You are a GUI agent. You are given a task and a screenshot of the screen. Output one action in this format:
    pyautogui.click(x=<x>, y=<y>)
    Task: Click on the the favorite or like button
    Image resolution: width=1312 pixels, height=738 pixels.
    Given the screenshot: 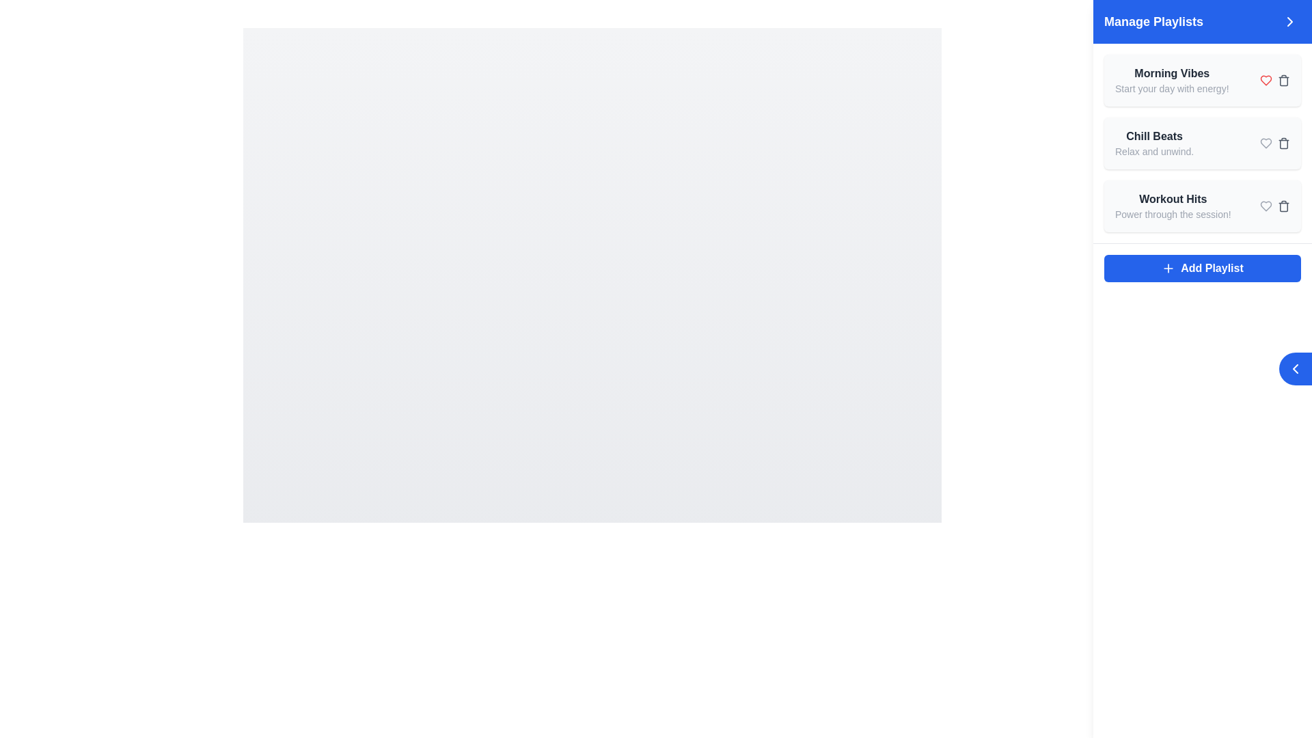 What is the action you would take?
    pyautogui.click(x=1265, y=81)
    